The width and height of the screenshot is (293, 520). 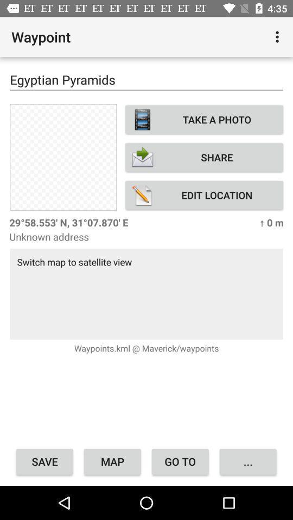 What do you see at coordinates (248, 461) in the screenshot?
I see `...` at bounding box center [248, 461].